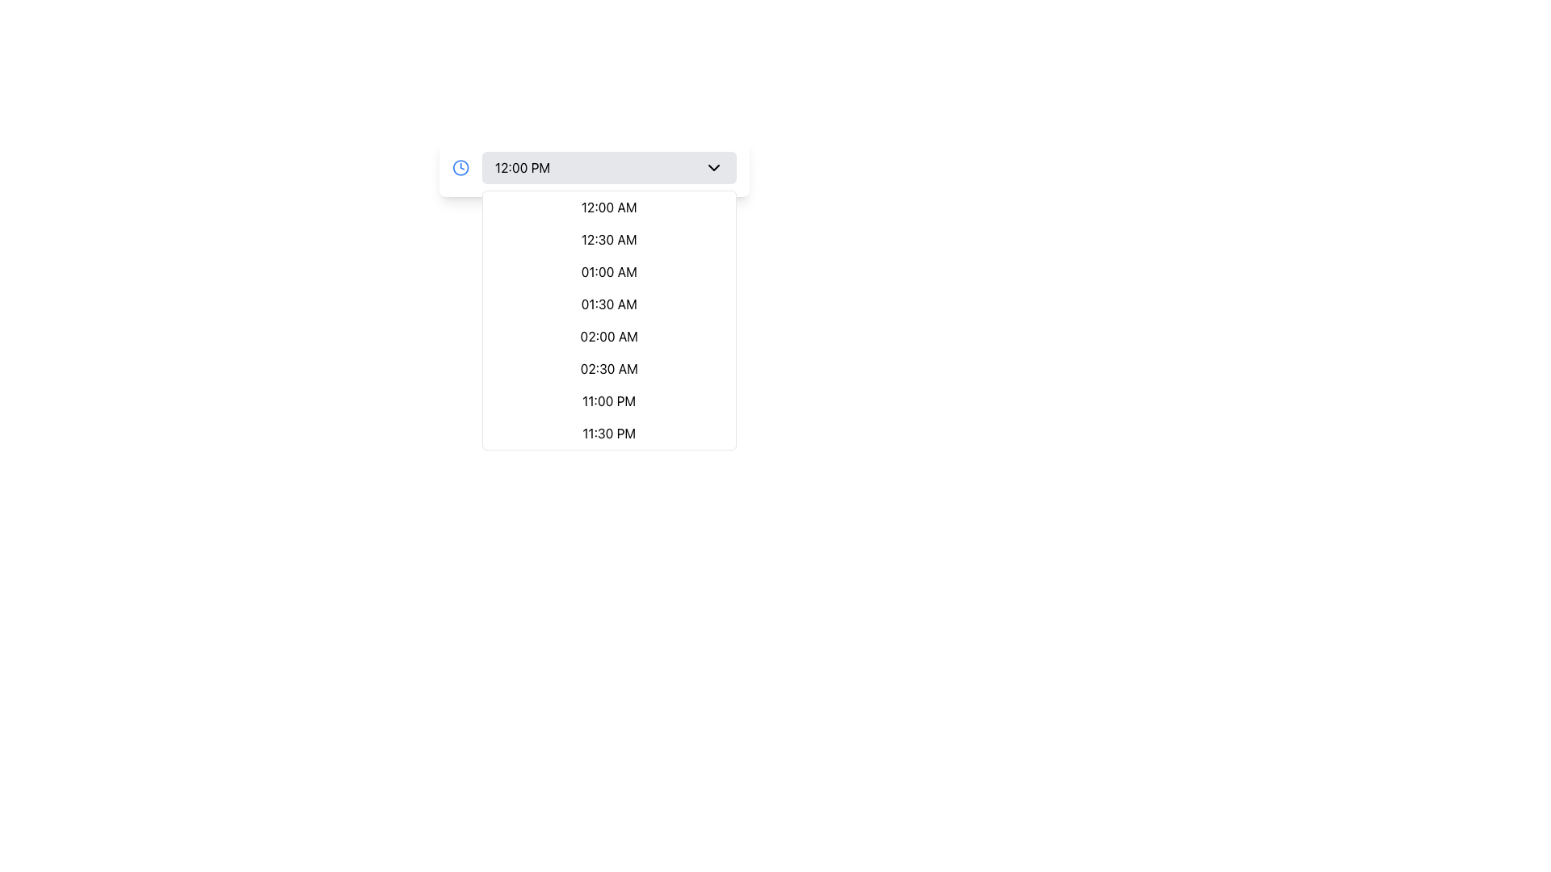 This screenshot has width=1551, height=872. What do you see at coordinates (608, 321) in the screenshot?
I see `the time options in the dropdown menu located below the '12:00 PM' dropdown trigger` at bounding box center [608, 321].